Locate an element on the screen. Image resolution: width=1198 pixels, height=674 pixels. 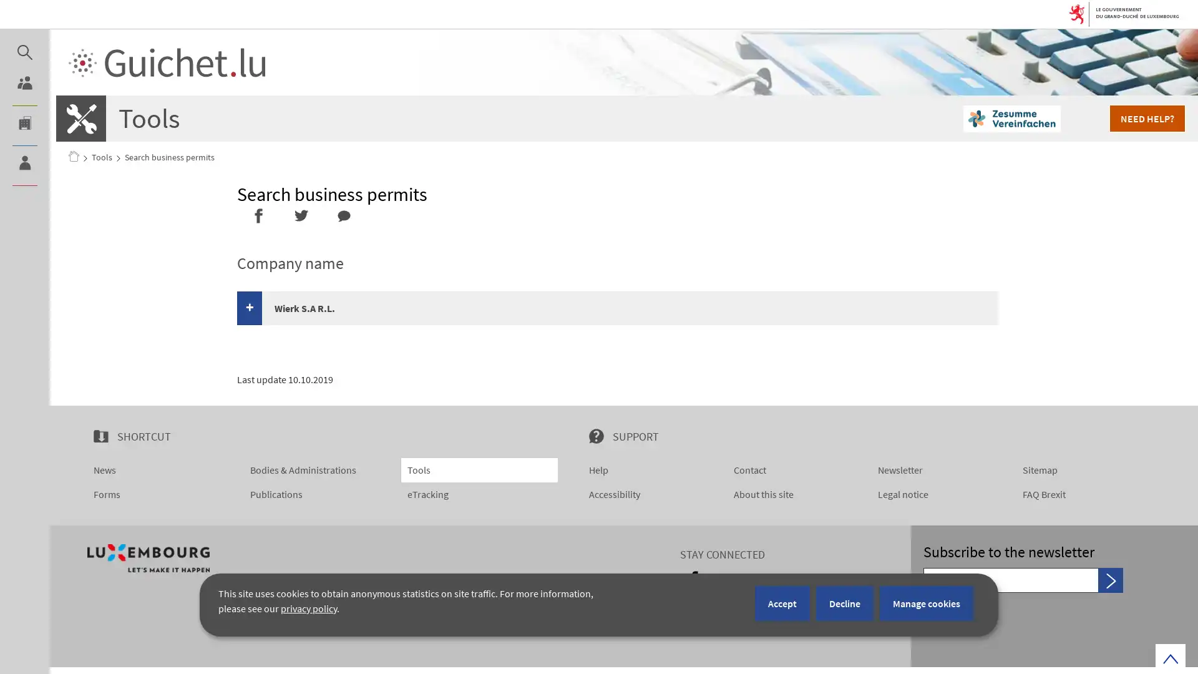
Send is located at coordinates (1111, 580).